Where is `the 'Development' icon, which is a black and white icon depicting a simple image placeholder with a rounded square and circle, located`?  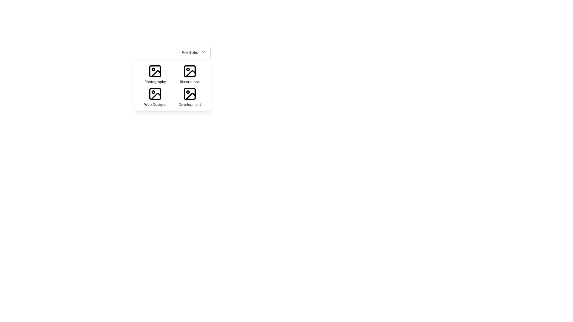
the 'Development' icon, which is a black and white icon depicting a simple image placeholder with a rounded square and circle, located is located at coordinates (190, 94).